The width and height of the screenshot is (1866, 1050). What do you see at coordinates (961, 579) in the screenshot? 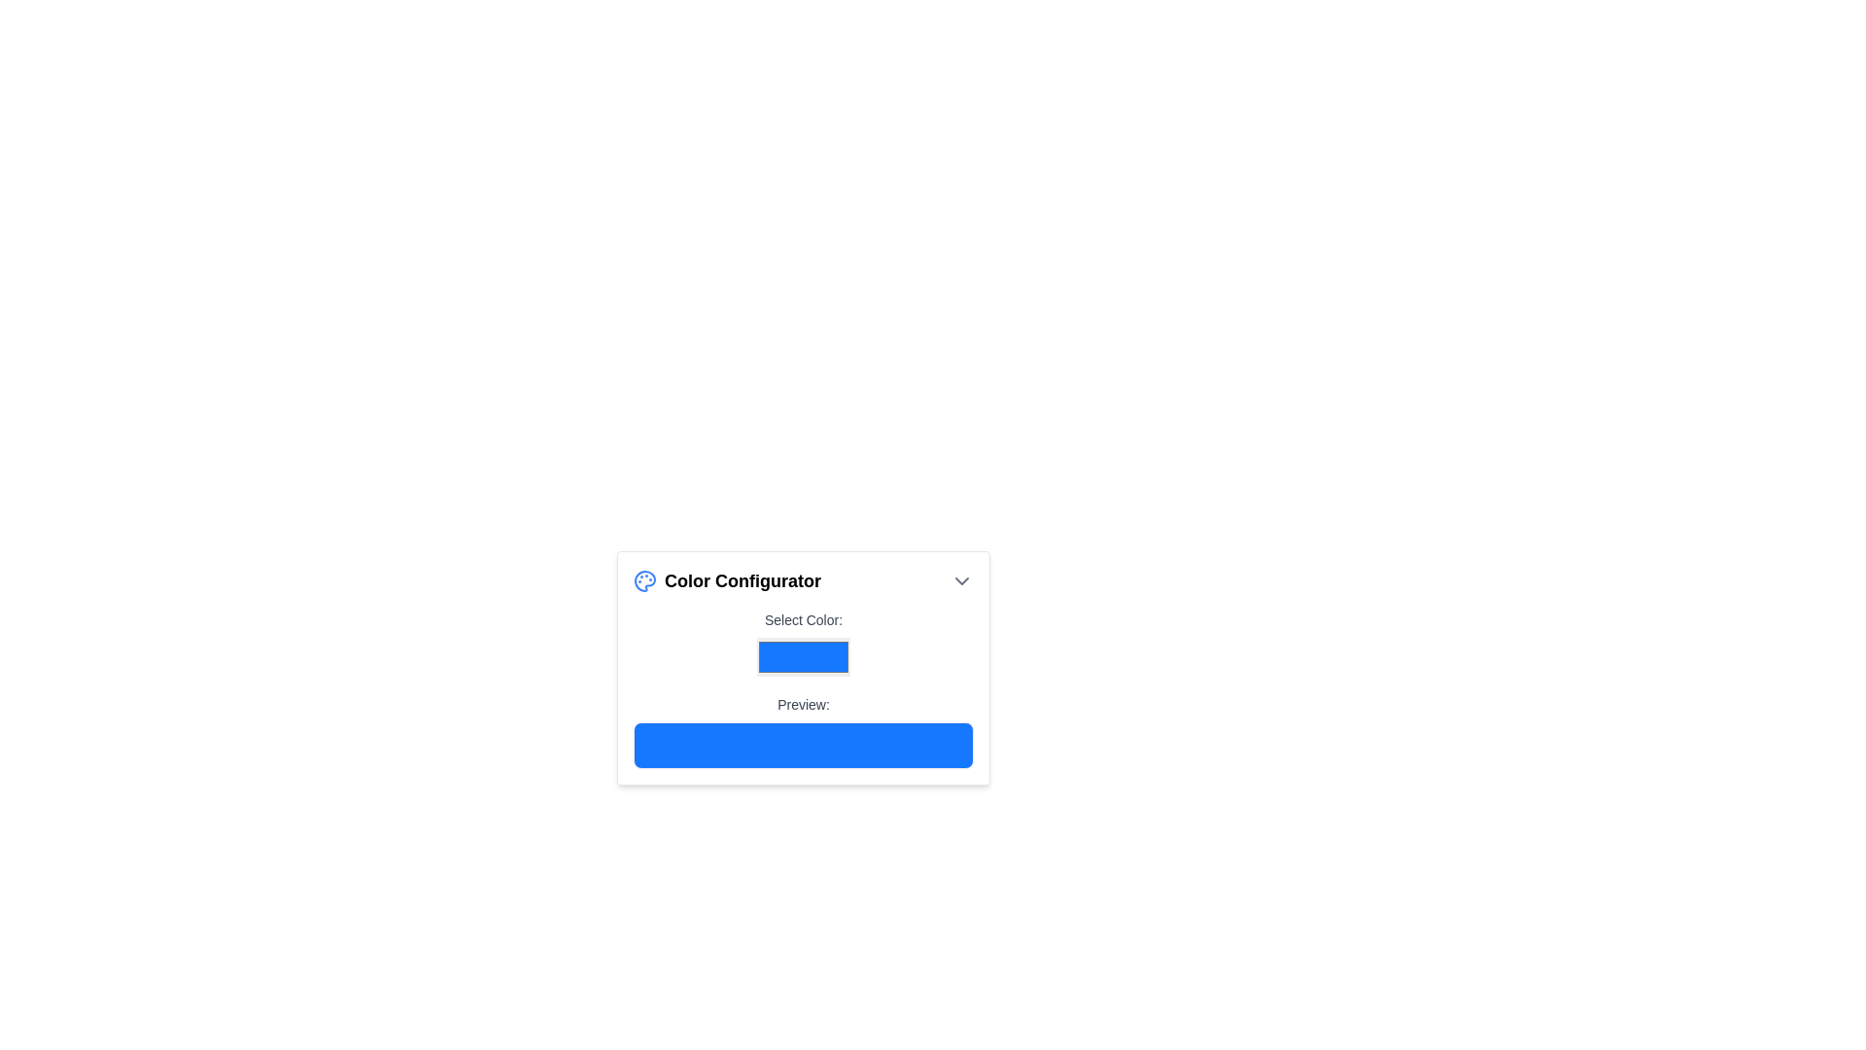
I see `the chevron icon at the top right of the 'Color Configurator' UI` at bounding box center [961, 579].